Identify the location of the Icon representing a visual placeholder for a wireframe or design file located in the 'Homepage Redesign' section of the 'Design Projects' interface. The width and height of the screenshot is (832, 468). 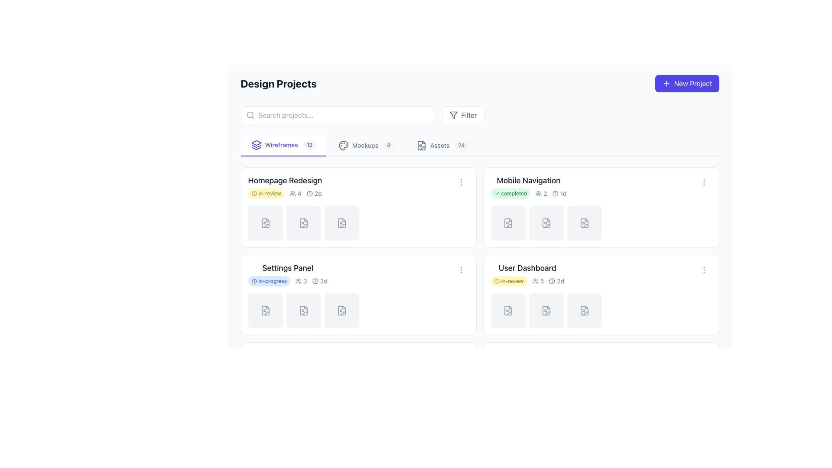
(265, 223).